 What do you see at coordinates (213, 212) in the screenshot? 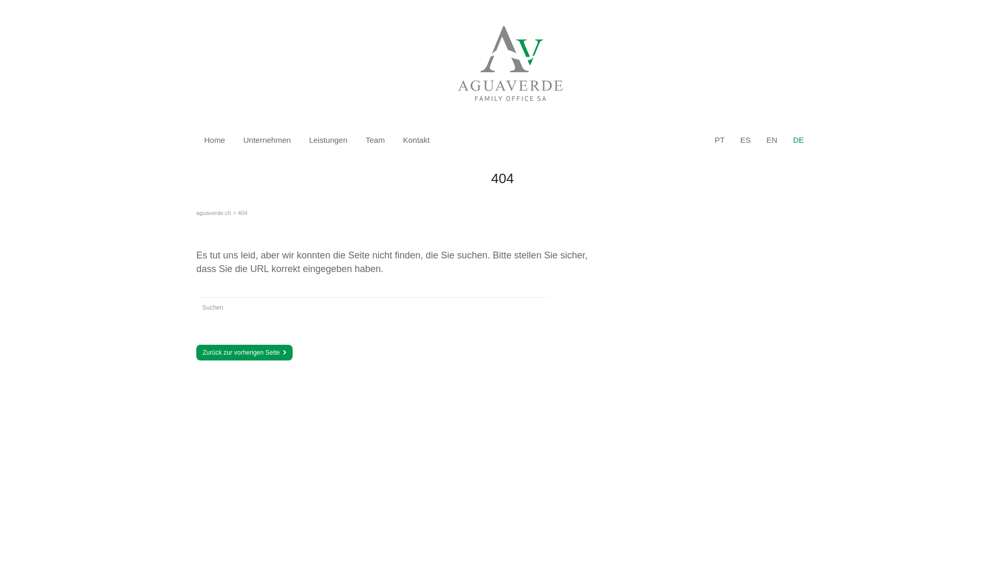
I see `'aguaverde.ch'` at bounding box center [213, 212].